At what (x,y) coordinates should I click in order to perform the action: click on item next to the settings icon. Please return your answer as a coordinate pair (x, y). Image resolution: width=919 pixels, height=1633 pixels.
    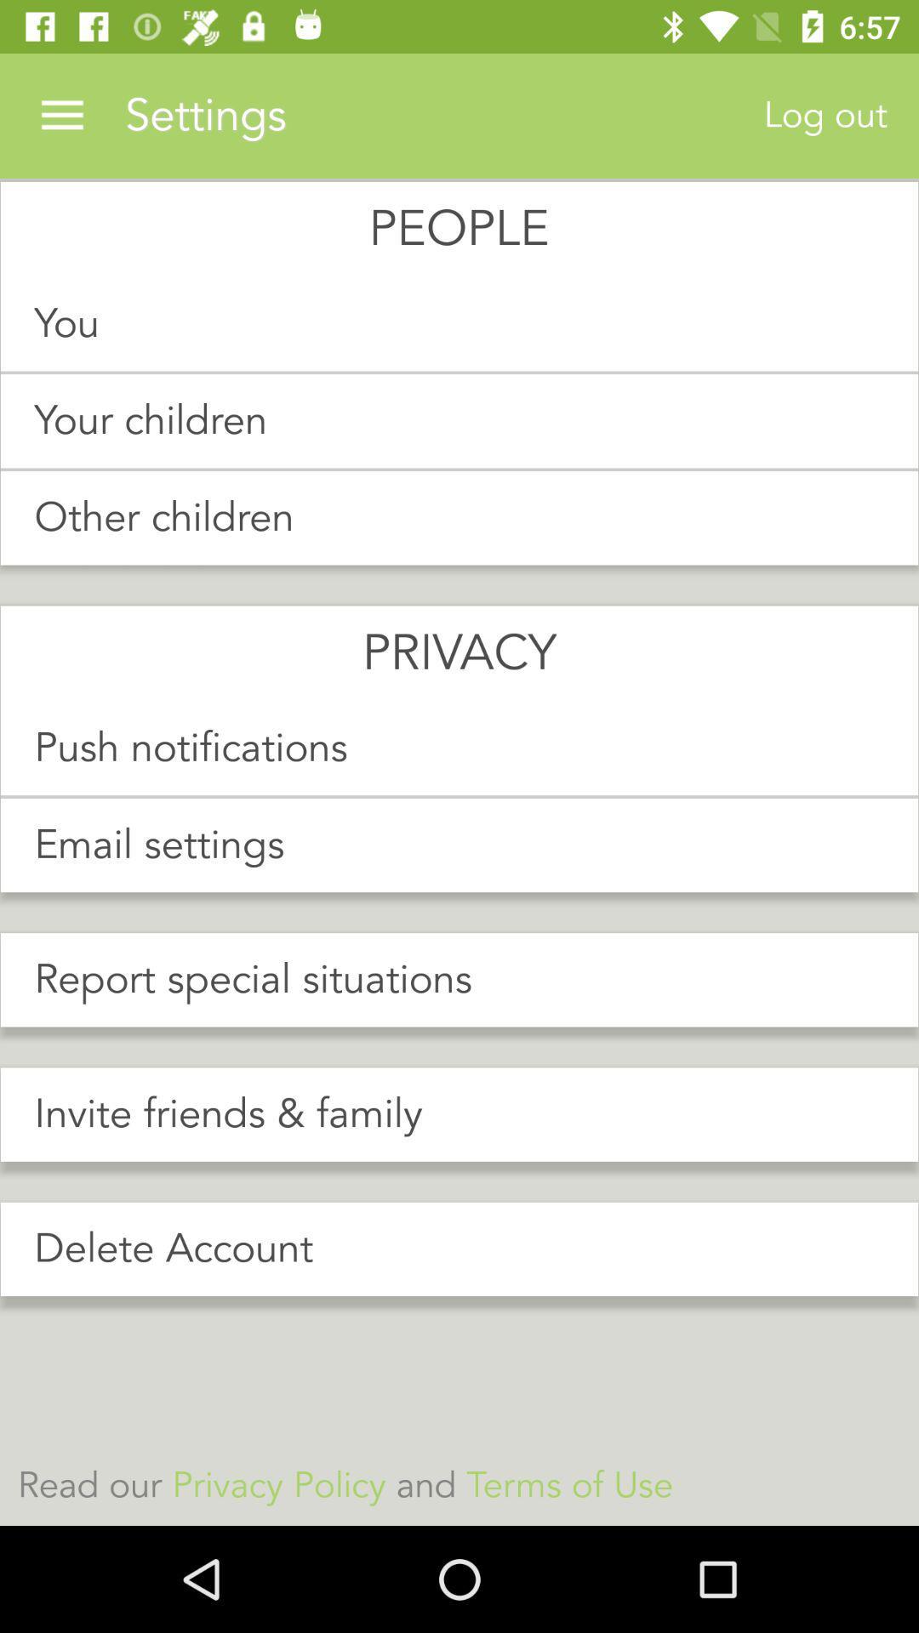
    Looking at the image, I should click on (61, 115).